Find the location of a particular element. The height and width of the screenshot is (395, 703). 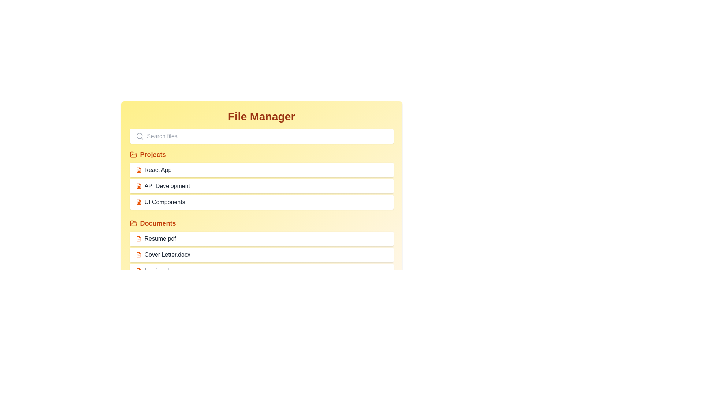

the file named Cover Letter.docx to select it is located at coordinates (261, 255).